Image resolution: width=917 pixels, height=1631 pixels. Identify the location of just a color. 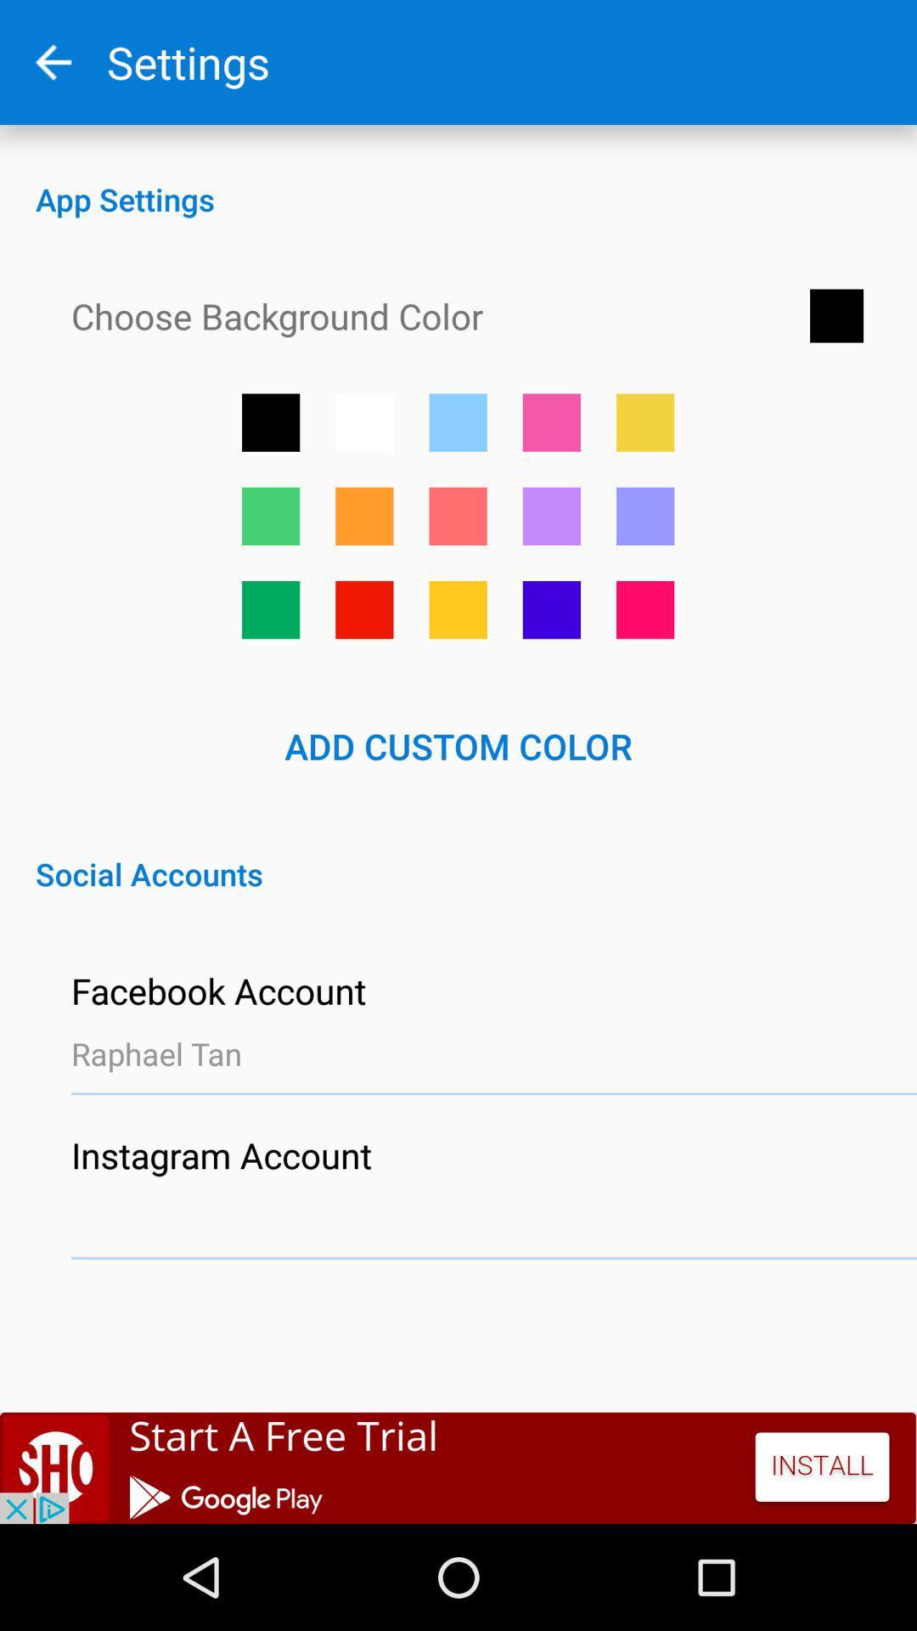
(457, 422).